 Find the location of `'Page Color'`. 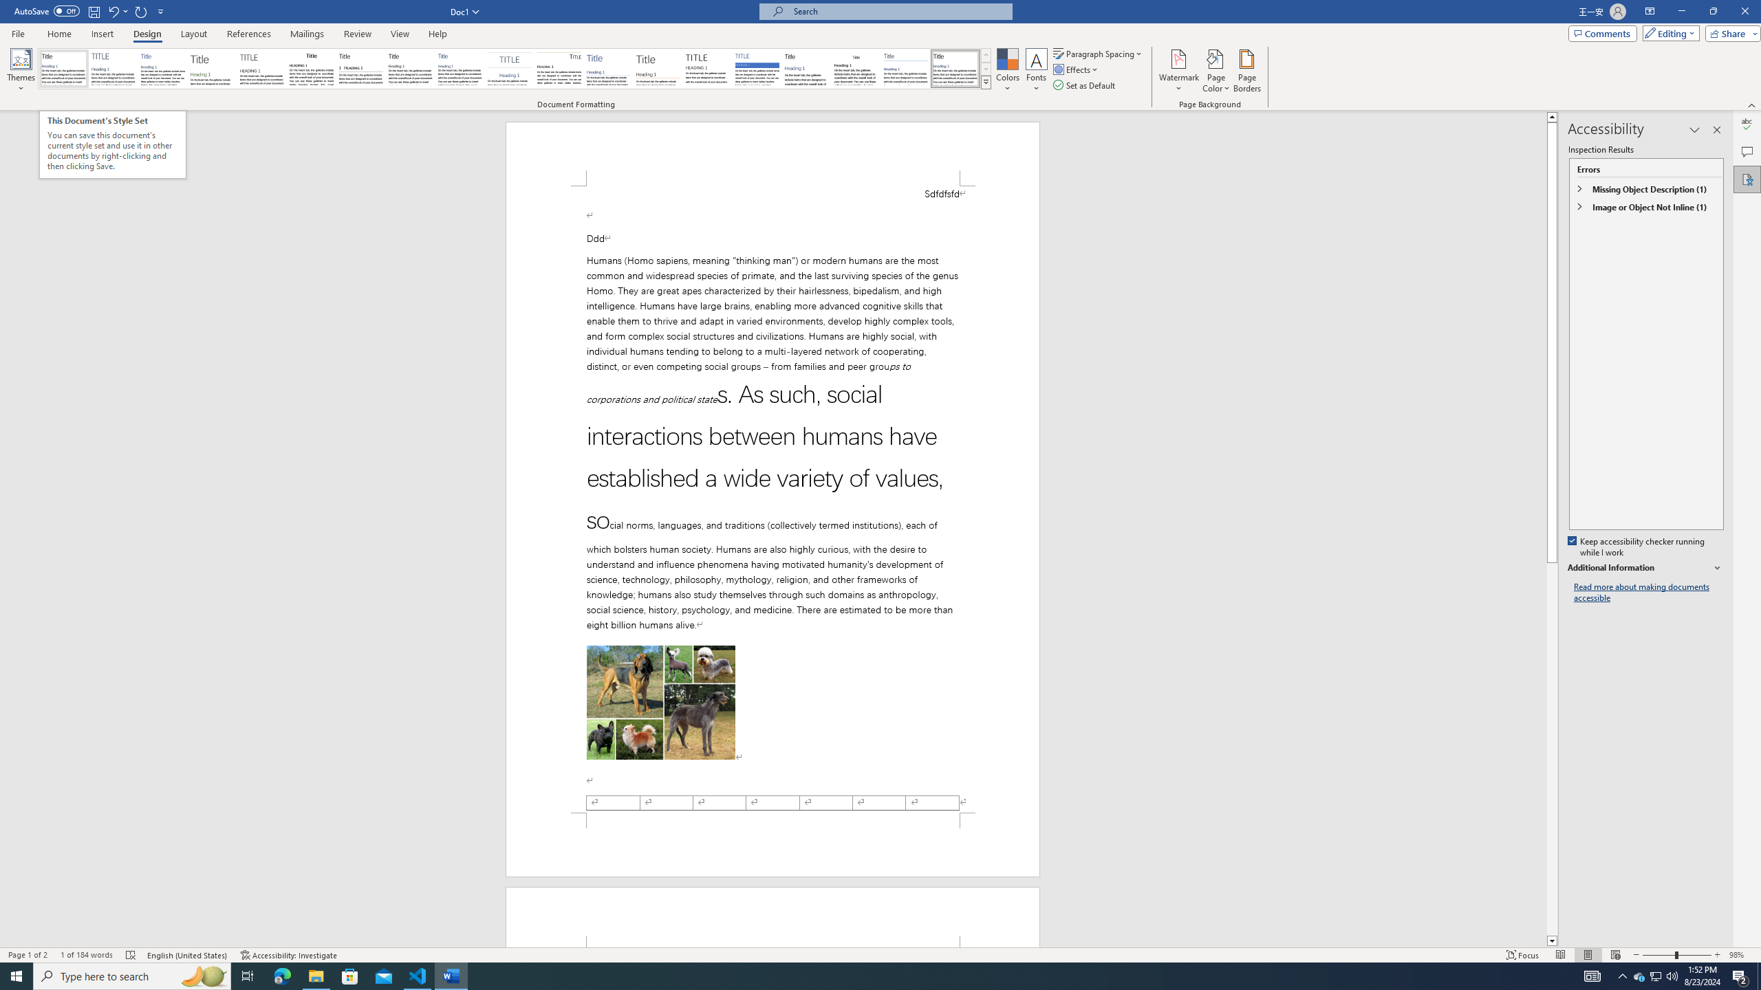

'Page Color' is located at coordinates (1216, 71).